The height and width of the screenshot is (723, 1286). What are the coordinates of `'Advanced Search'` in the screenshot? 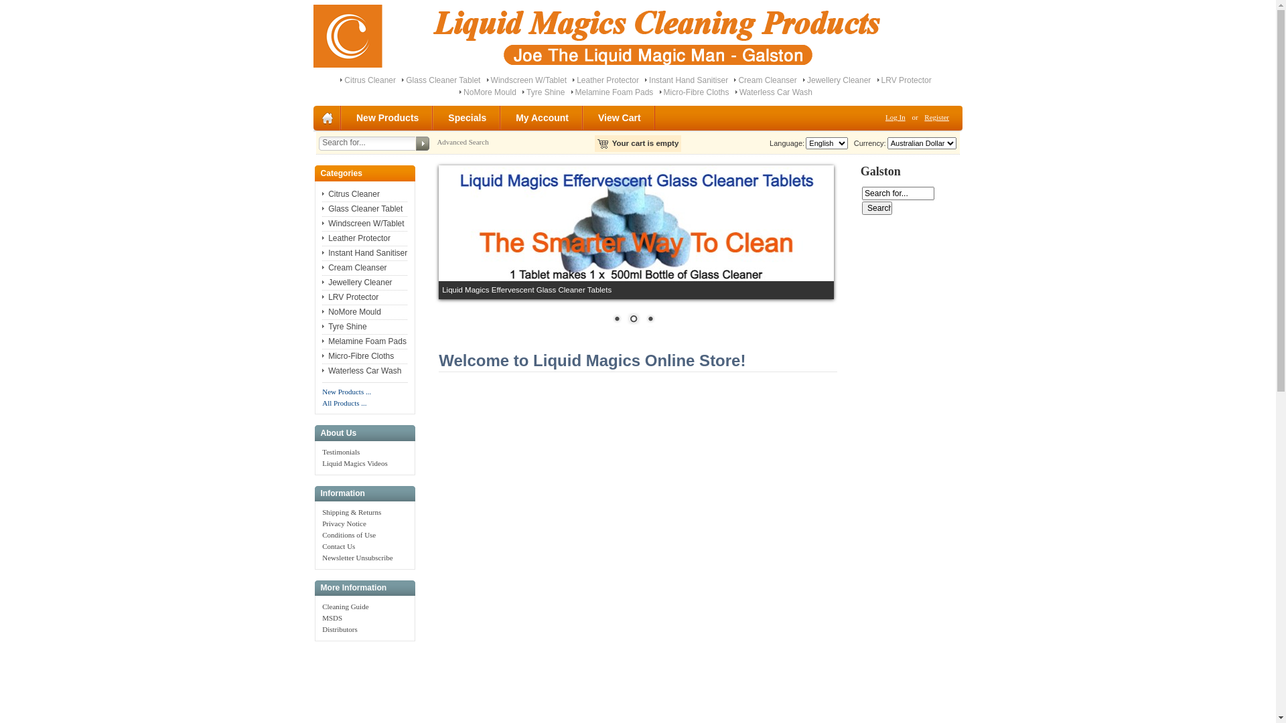 It's located at (462, 142).